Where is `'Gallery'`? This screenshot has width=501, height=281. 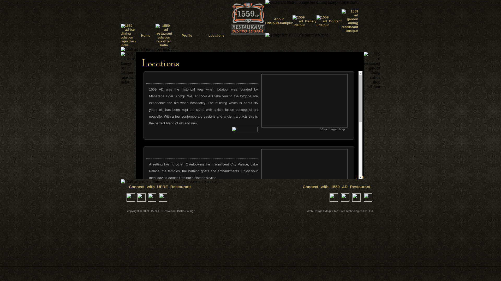
'Gallery' is located at coordinates (305, 21).